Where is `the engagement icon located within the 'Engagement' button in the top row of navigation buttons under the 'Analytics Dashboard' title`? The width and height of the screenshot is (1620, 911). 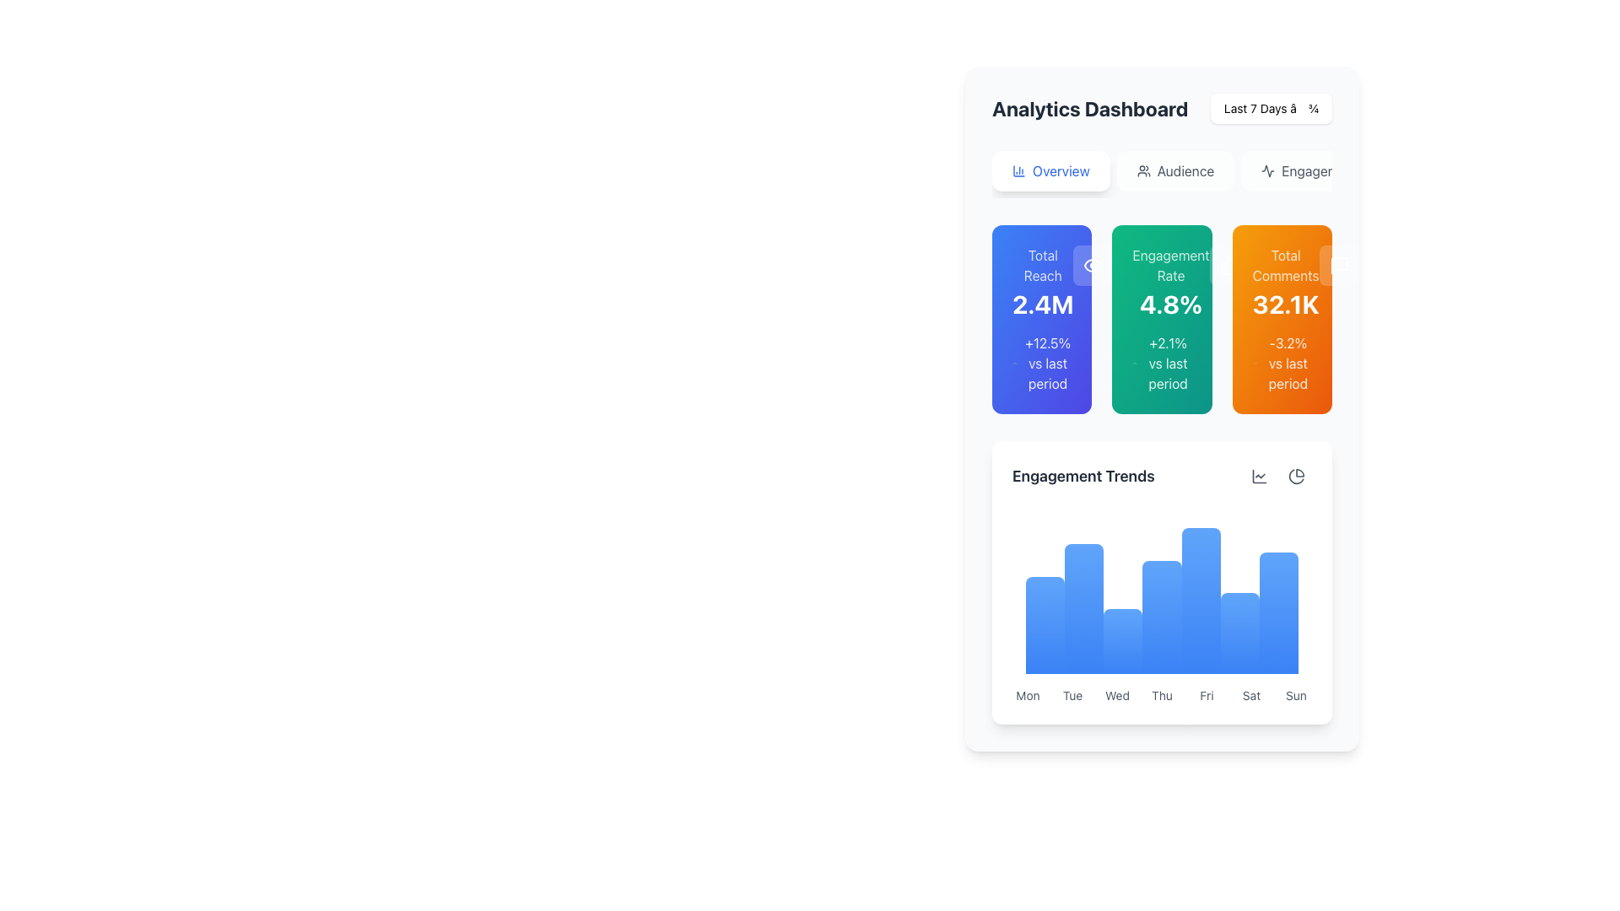 the engagement icon located within the 'Engagement' button in the top row of navigation buttons under the 'Analytics Dashboard' title is located at coordinates (1268, 171).